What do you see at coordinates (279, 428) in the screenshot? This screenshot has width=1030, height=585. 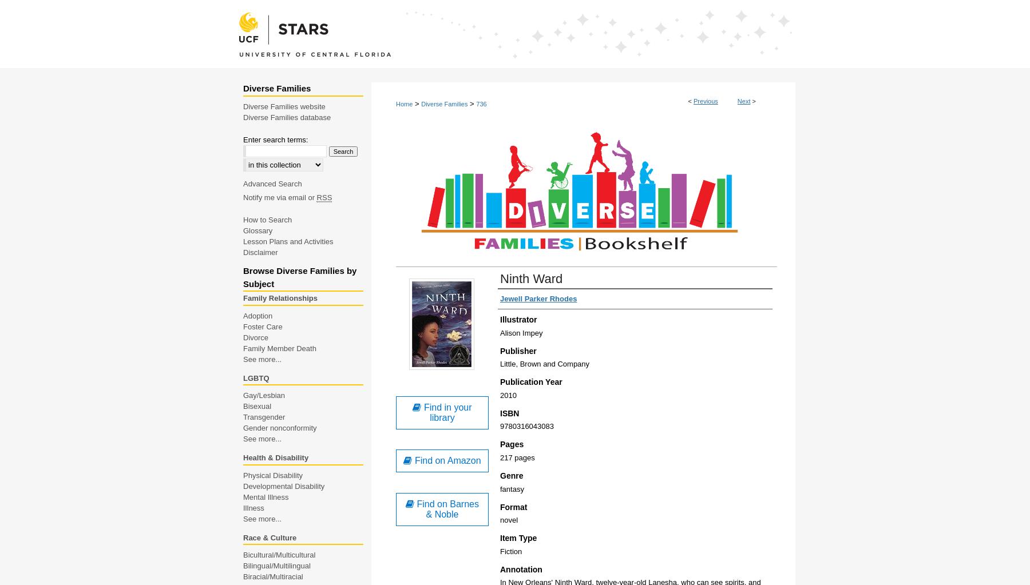 I see `'Gender nonconformity'` at bounding box center [279, 428].